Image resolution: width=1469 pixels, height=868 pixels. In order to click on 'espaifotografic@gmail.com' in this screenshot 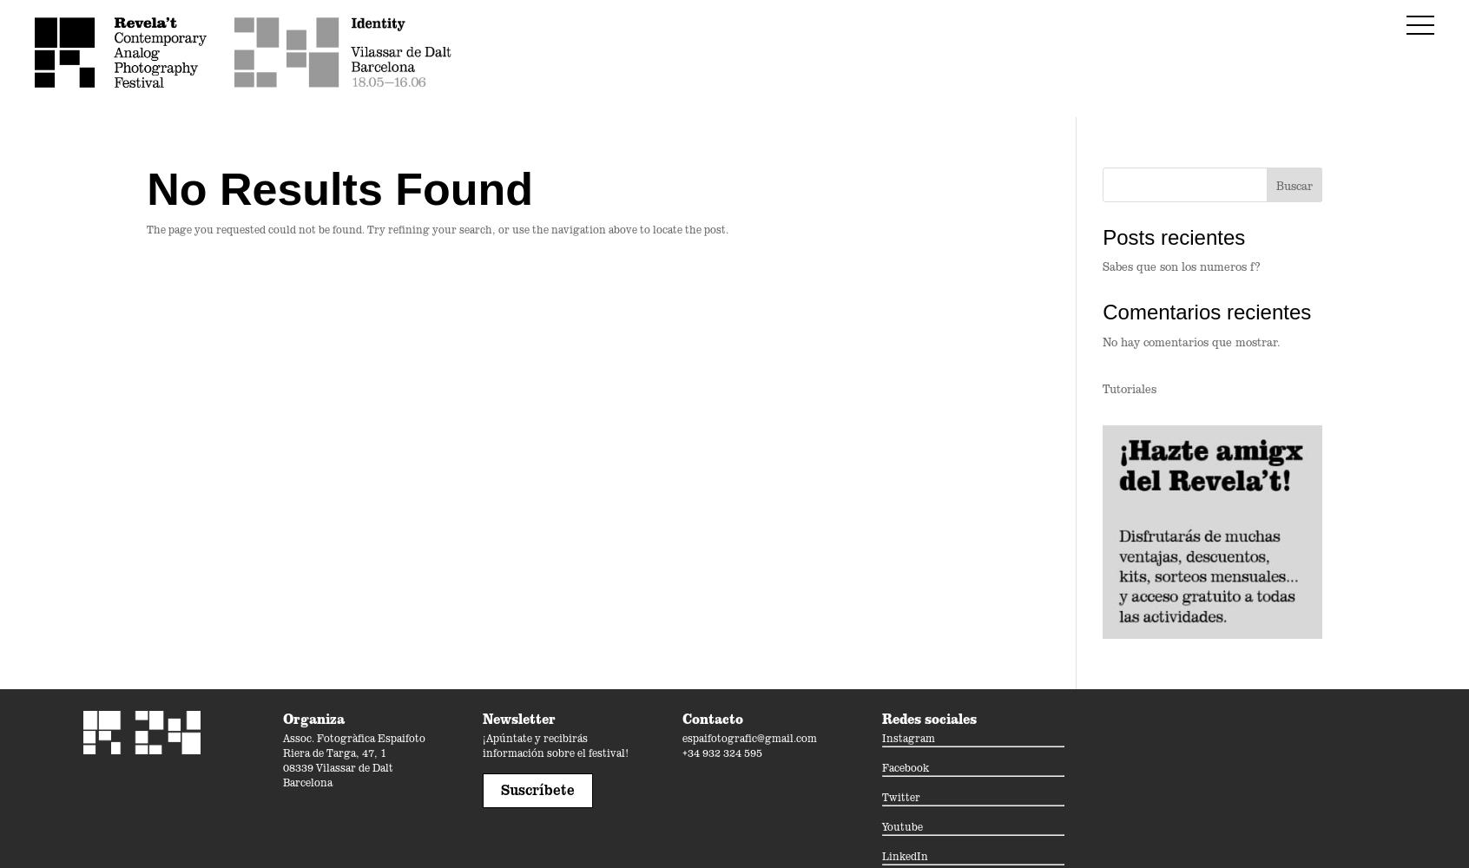, I will do `click(748, 736)`.